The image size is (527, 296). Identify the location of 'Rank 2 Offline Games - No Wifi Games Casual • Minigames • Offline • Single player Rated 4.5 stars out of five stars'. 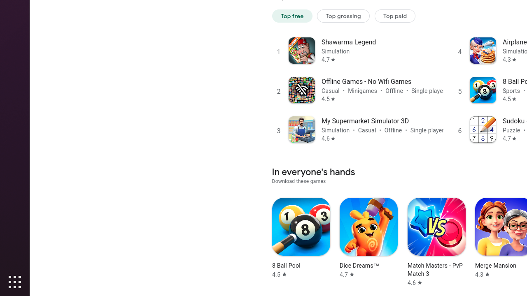
(357, 90).